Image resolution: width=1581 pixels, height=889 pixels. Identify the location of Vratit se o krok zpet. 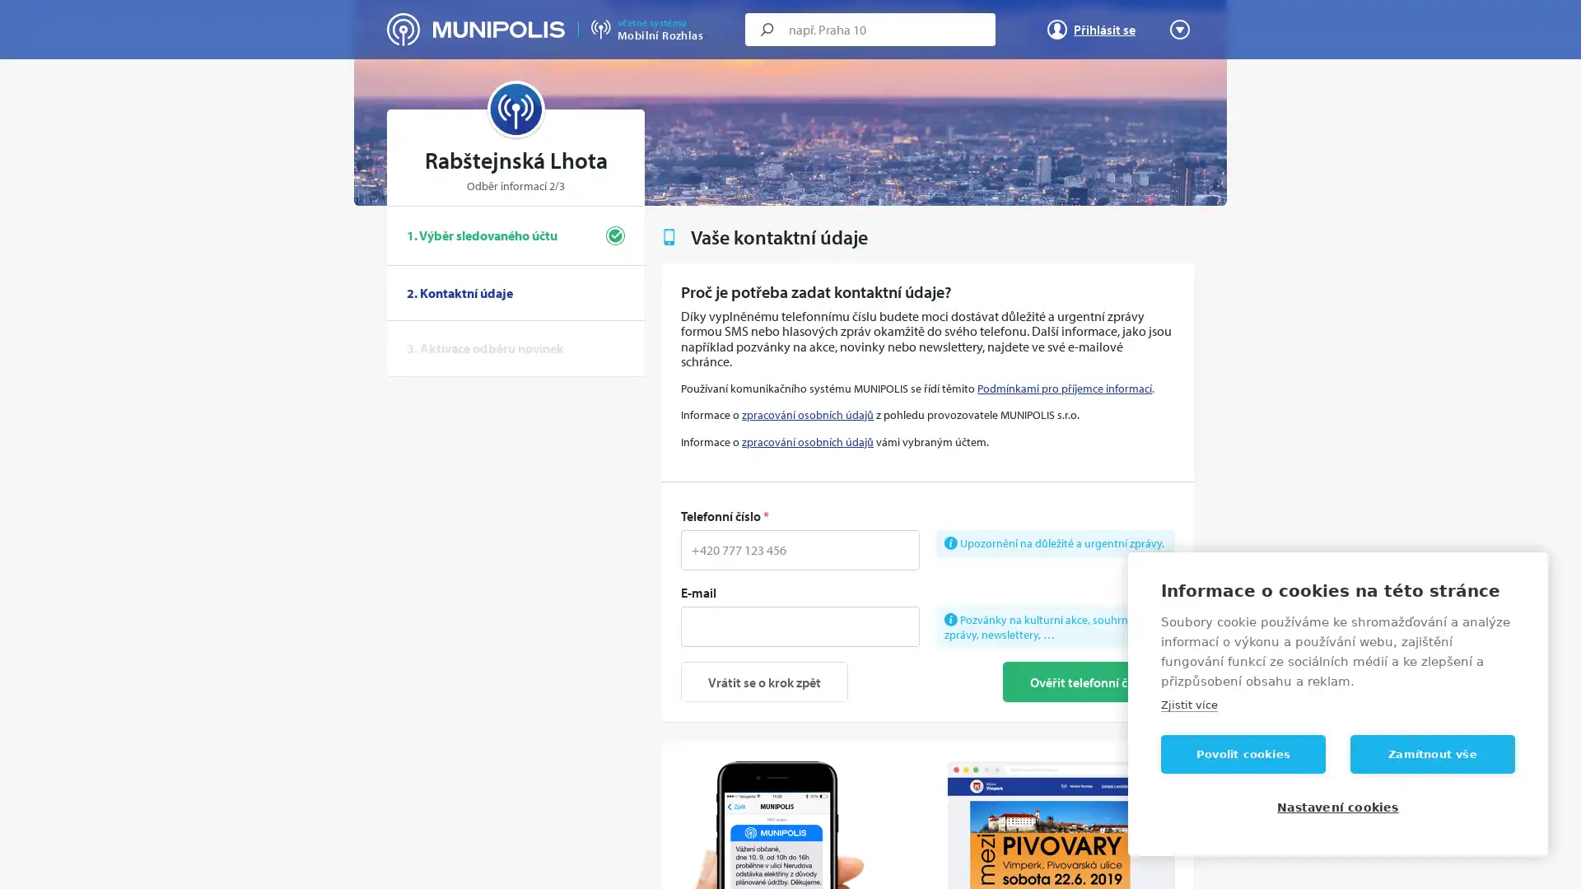
(763, 682).